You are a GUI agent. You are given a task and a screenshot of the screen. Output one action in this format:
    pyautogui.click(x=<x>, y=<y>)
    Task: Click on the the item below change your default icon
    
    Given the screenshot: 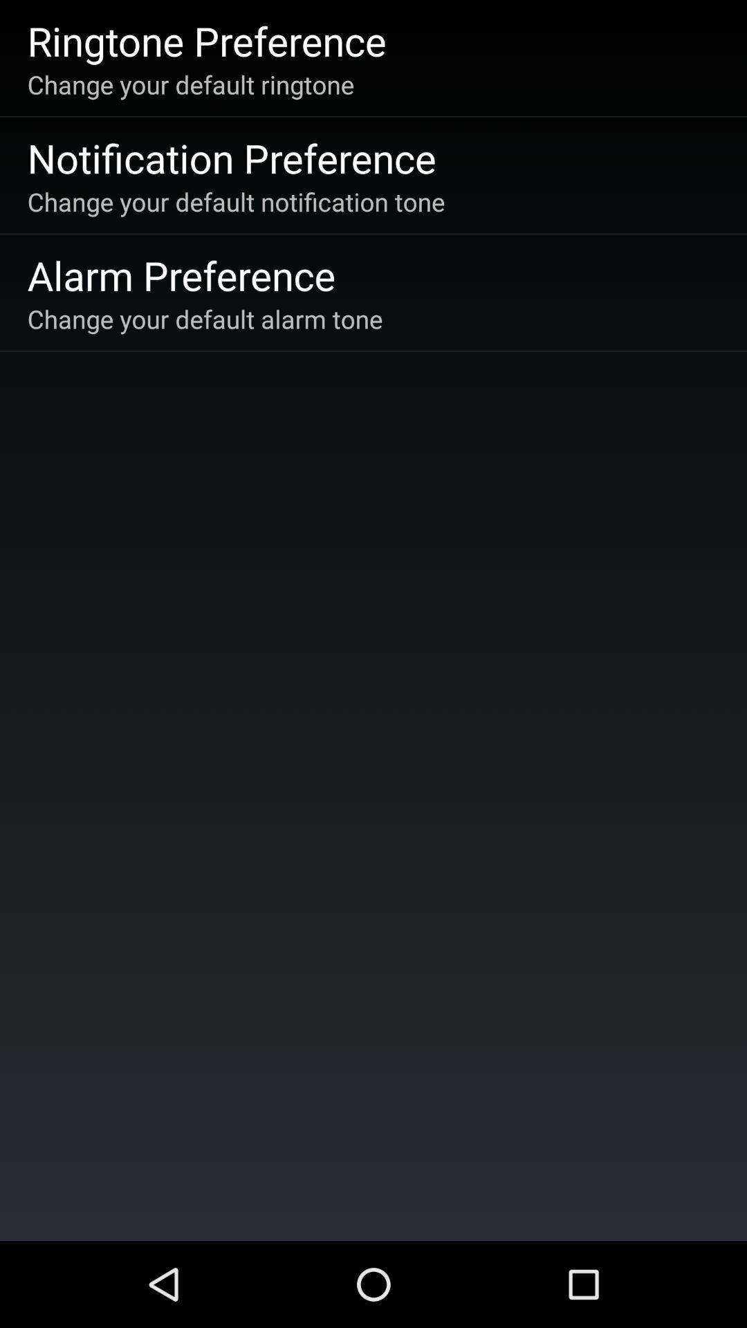 What is the action you would take?
    pyautogui.click(x=231, y=158)
    